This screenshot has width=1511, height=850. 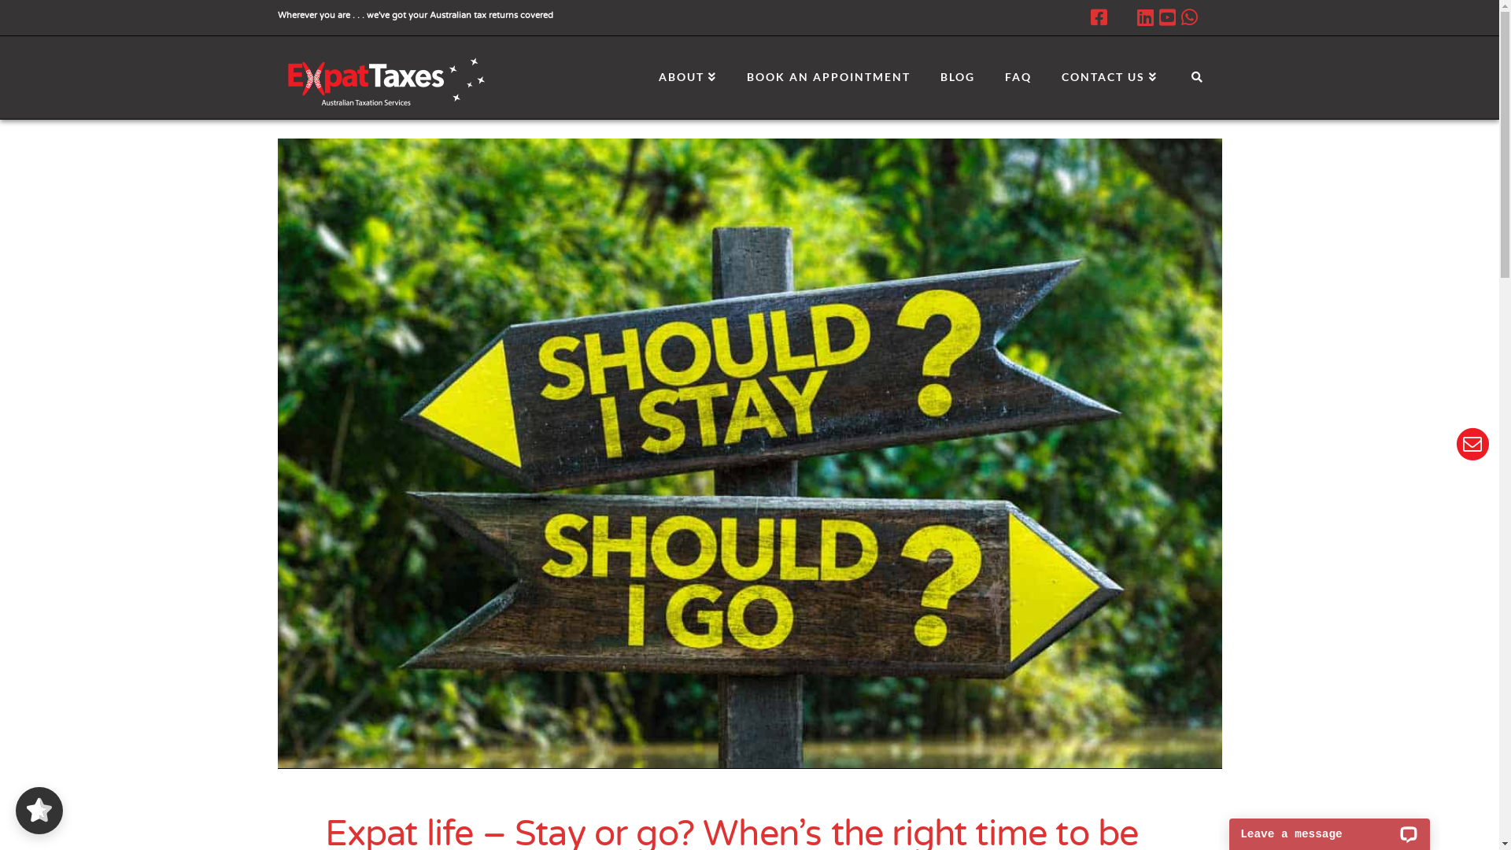 What do you see at coordinates (1121, 17) in the screenshot?
I see `'X / Twitter'` at bounding box center [1121, 17].